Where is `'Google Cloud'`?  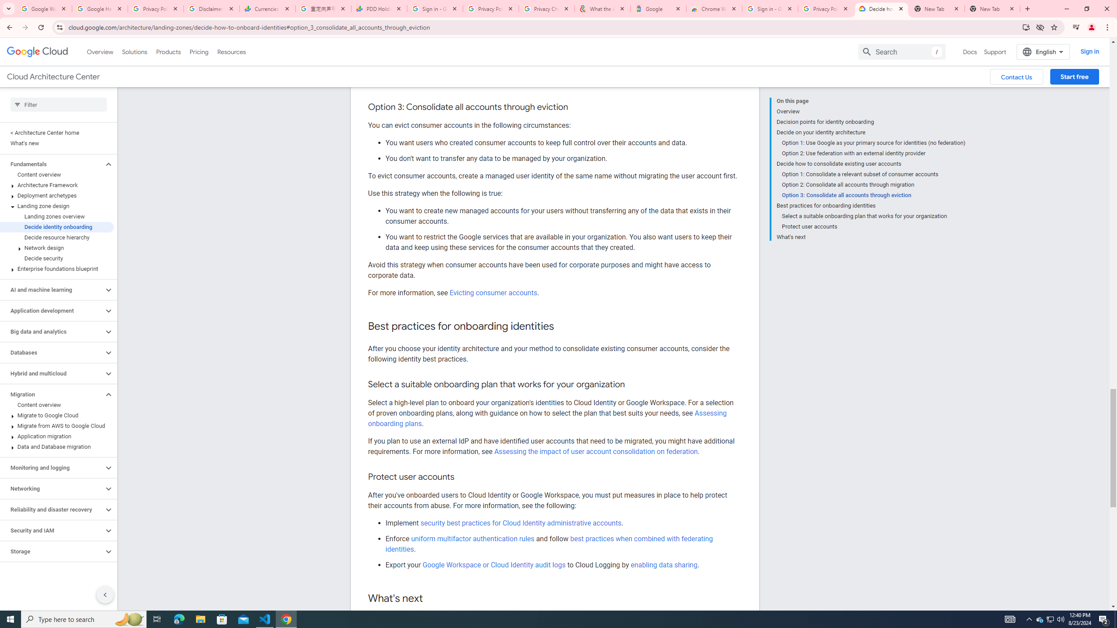
'Google Cloud' is located at coordinates (37, 51).